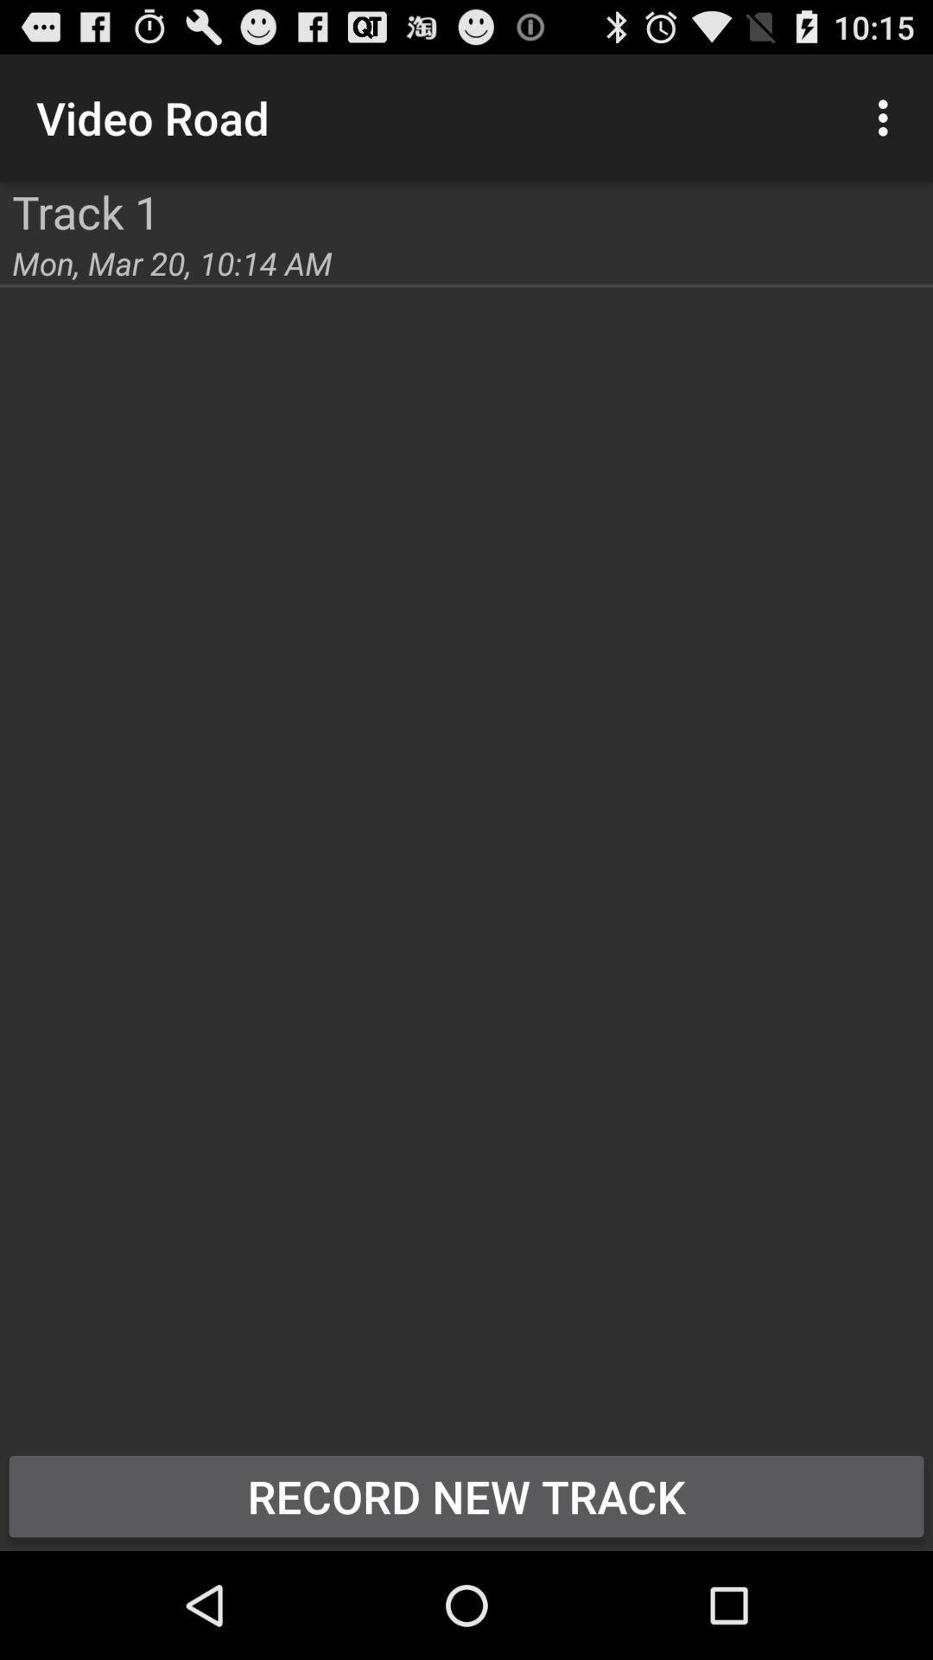 This screenshot has height=1660, width=933. What do you see at coordinates (887, 117) in the screenshot?
I see `button above record new track item` at bounding box center [887, 117].